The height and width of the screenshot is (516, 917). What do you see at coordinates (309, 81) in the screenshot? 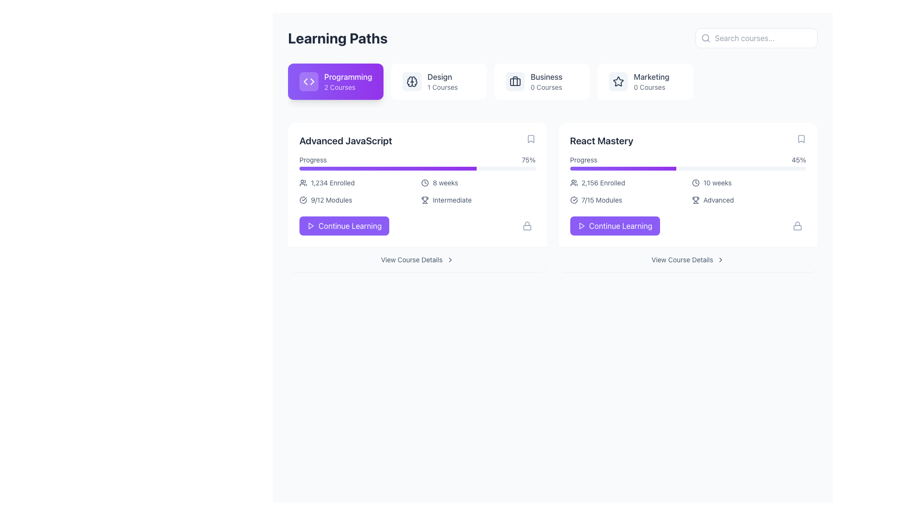
I see `the appearance of the icon resembling a coding or symbol marker, located within the 'Programming' button in the 'Learning Paths' section of the interface` at bounding box center [309, 81].